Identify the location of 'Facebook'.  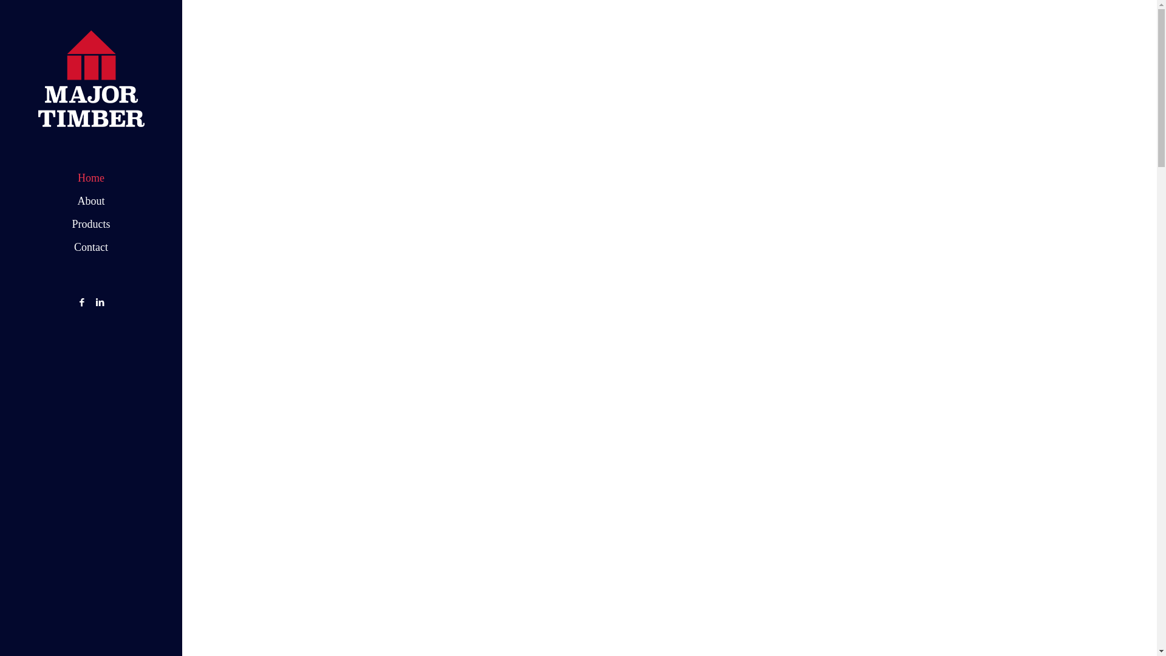
(81, 301).